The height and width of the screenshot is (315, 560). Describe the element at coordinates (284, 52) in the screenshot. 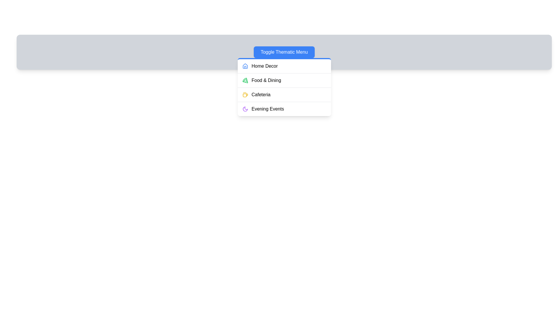

I see `the toggle button to toggle the visibility of the thematic menu` at that location.